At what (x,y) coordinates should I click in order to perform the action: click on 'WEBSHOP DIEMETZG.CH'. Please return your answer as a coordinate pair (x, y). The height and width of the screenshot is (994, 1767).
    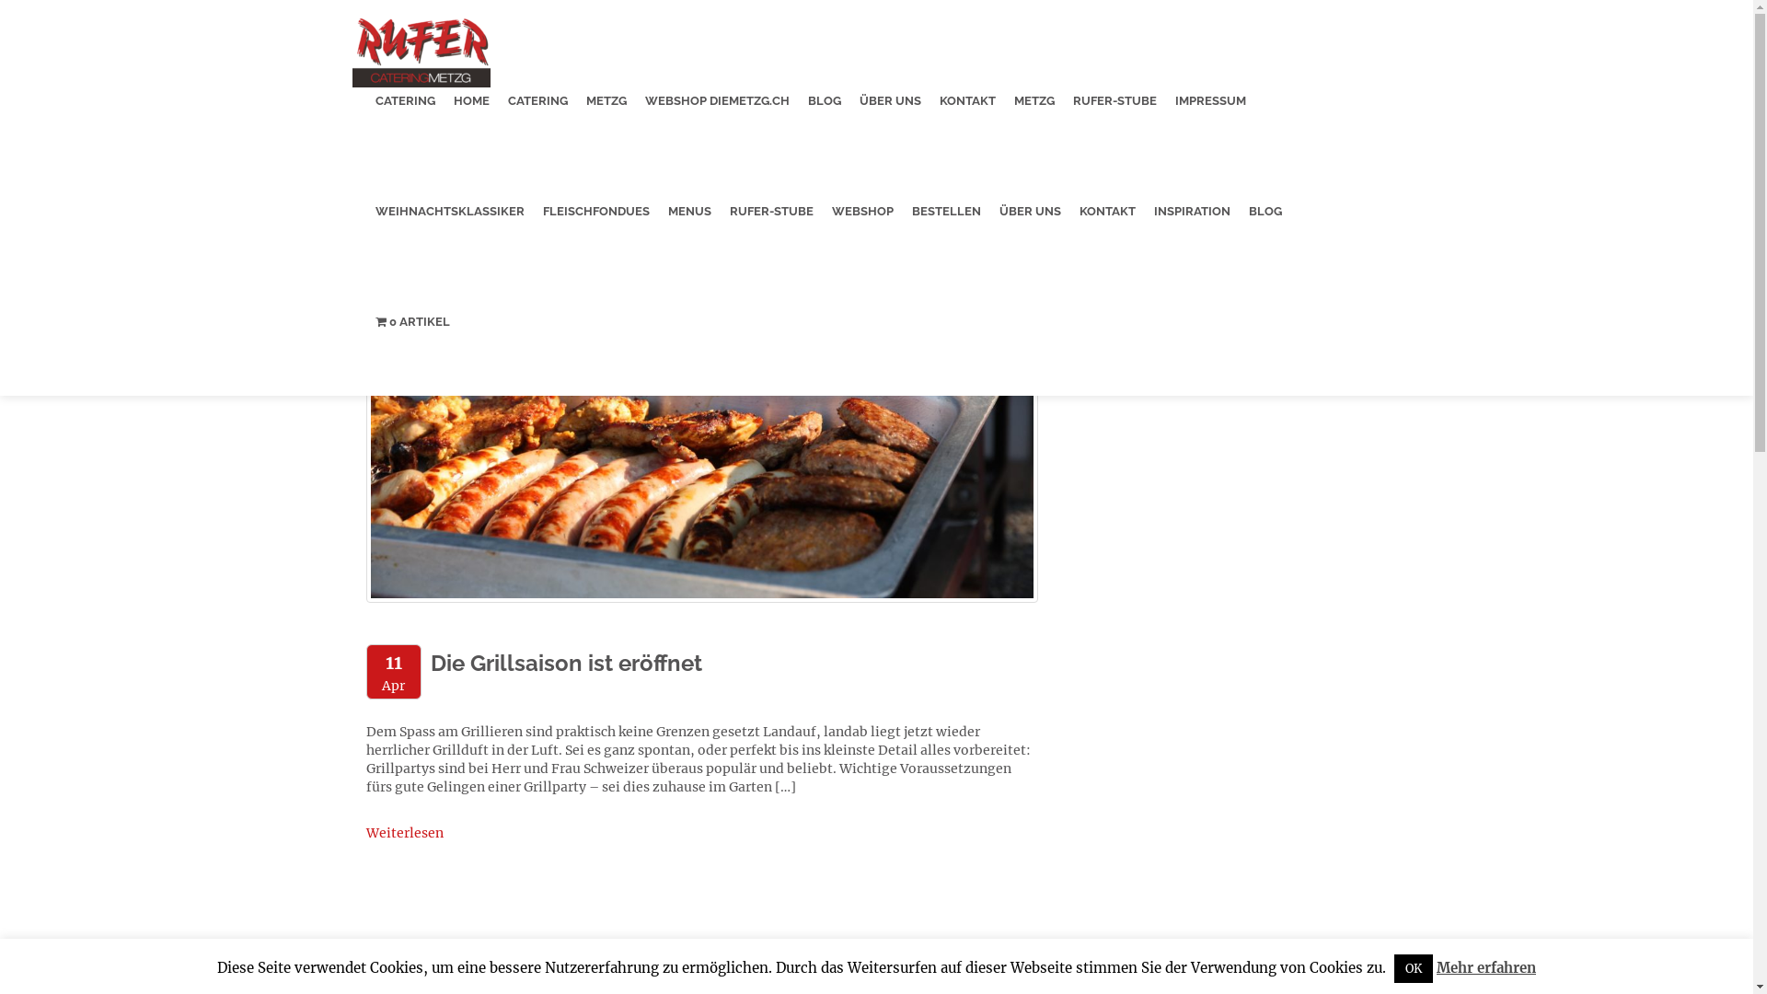
    Looking at the image, I should click on (635, 101).